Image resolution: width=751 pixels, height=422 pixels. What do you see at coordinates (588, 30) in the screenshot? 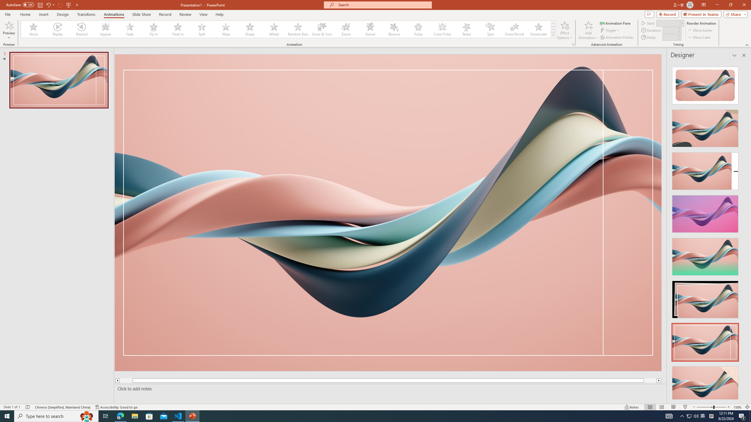
I see `'Add Animation'` at bounding box center [588, 30].